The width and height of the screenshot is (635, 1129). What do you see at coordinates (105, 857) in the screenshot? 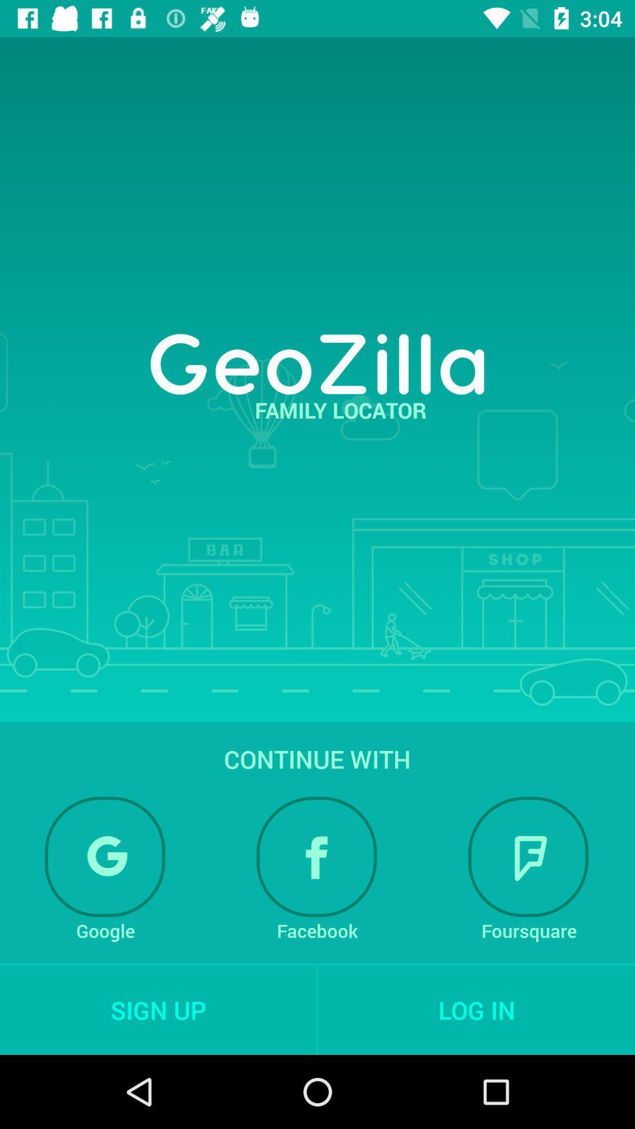
I see `the refresh icon` at bounding box center [105, 857].